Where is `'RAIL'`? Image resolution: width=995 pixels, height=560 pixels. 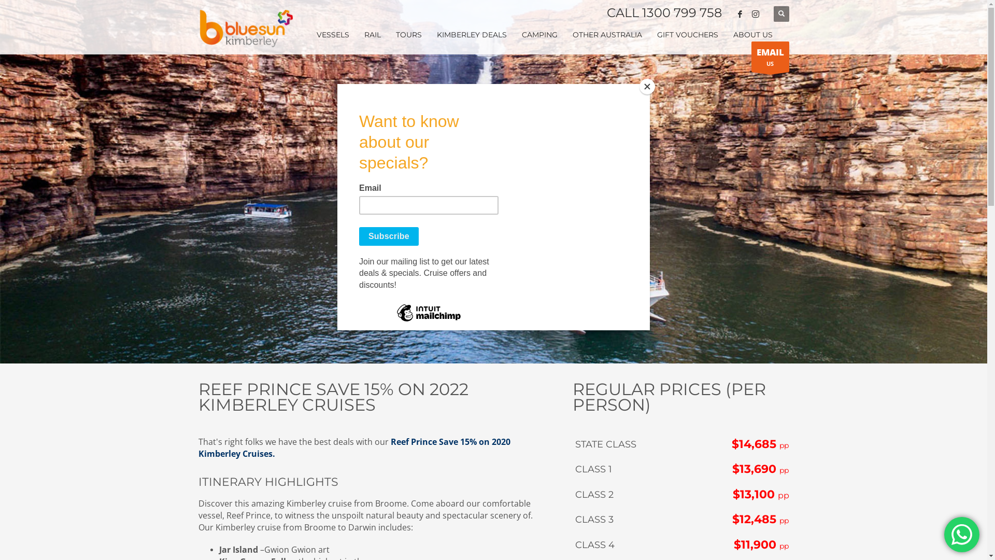
'RAIL' is located at coordinates (372, 34).